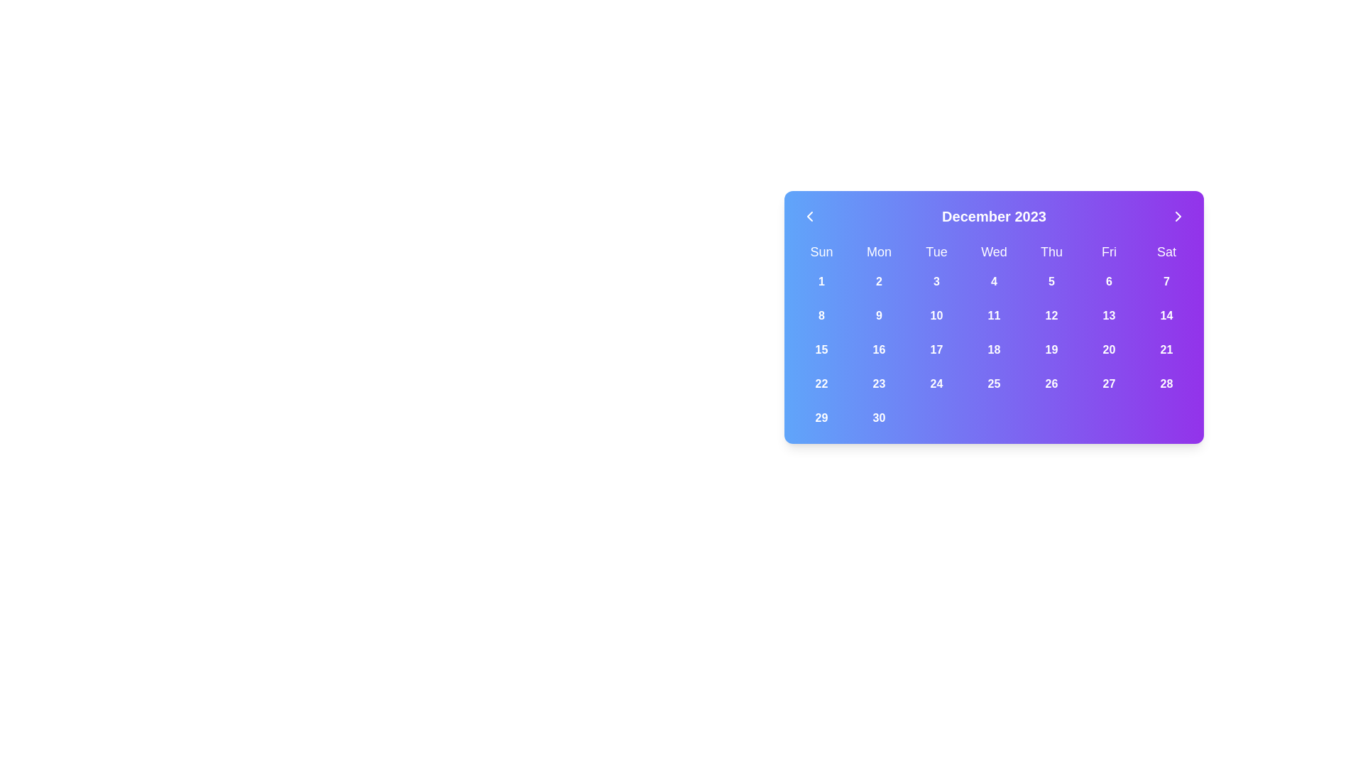  What do you see at coordinates (1108, 383) in the screenshot?
I see `the button labeled '27' in the calendar grid for Friday, December 27th` at bounding box center [1108, 383].